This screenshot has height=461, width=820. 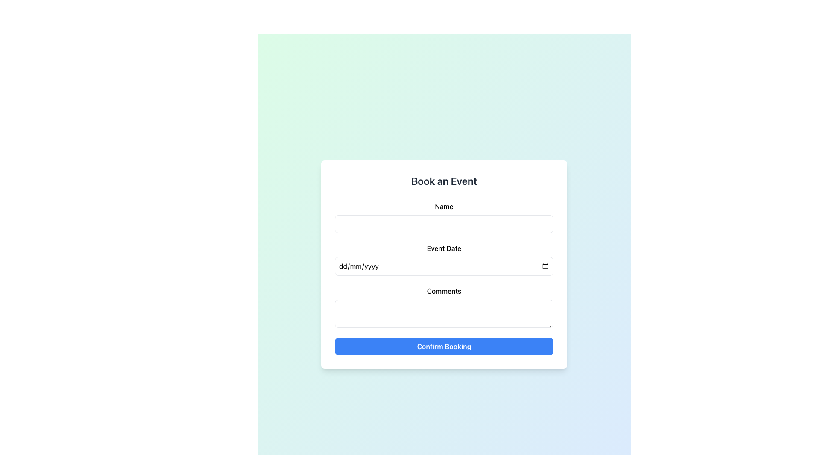 I want to click on the submit button located at the bottom of the form to change its shade of blue, so click(x=444, y=347).